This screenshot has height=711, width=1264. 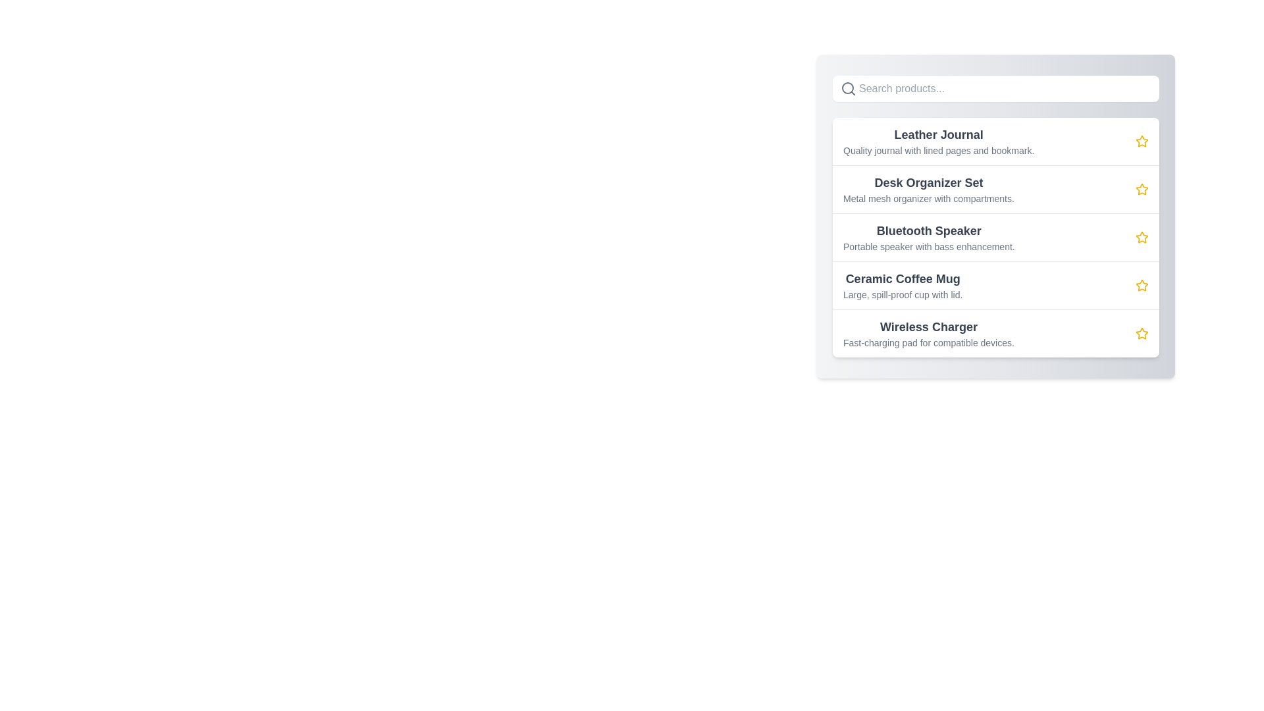 What do you see at coordinates (1141, 332) in the screenshot?
I see `the Star icon with a yellow border located to the right of the 'Wireless Charger' product description` at bounding box center [1141, 332].